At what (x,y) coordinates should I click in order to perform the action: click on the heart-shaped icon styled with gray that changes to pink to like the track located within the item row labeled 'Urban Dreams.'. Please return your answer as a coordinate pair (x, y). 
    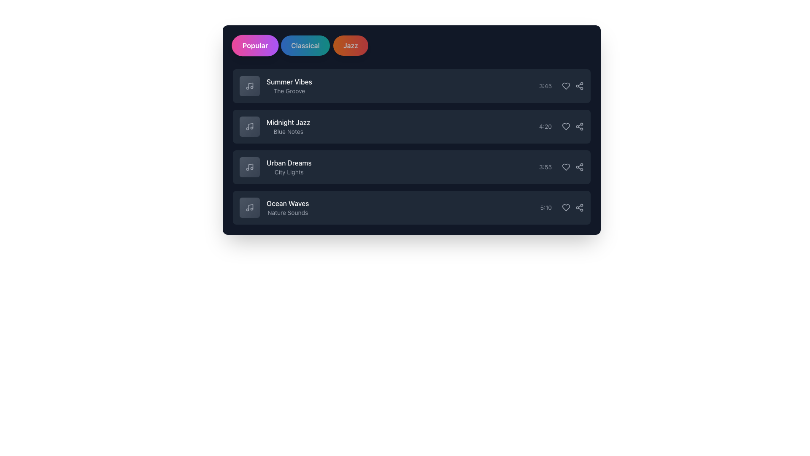
    Looking at the image, I should click on (566, 167).